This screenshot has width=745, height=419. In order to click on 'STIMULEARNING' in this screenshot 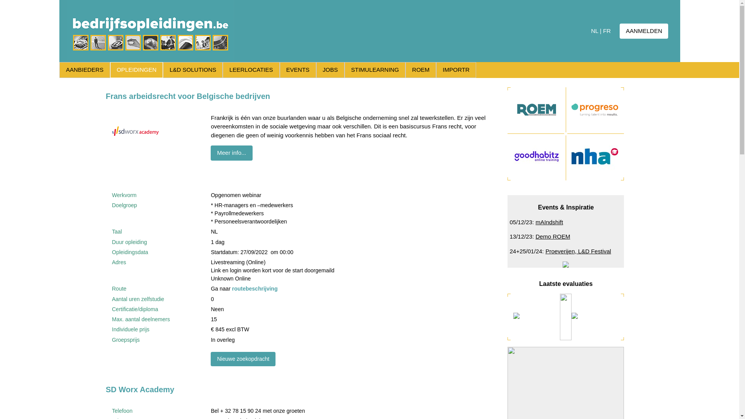, I will do `click(374, 70)`.